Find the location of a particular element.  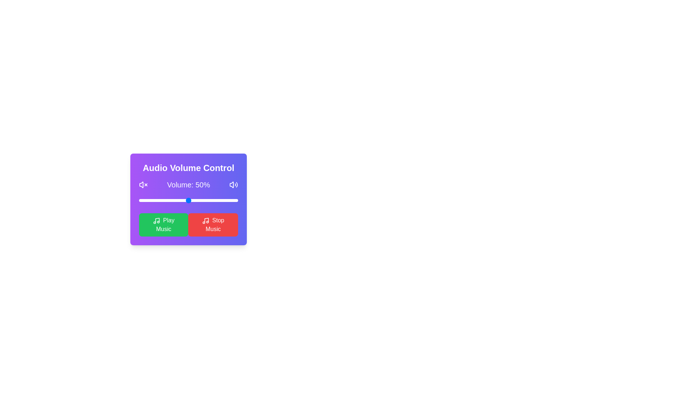

the mute/unmute icon button located to the left of the 'Volume: 50%' label is located at coordinates (143, 184).